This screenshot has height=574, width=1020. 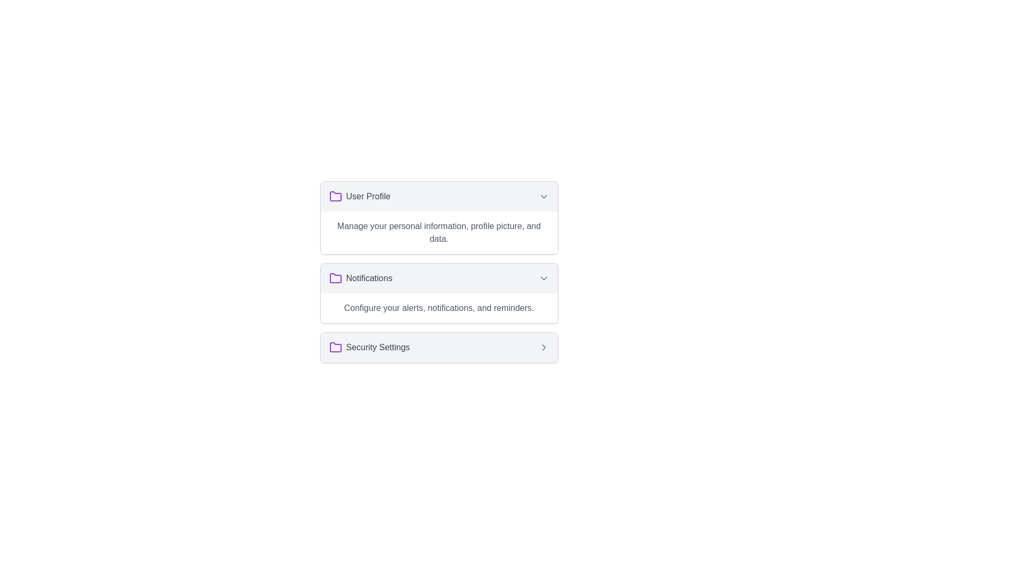 What do you see at coordinates (369, 278) in the screenshot?
I see `description associated with the 'Notifications' Text Label located beside the folder icon in the second panel of the list` at bounding box center [369, 278].